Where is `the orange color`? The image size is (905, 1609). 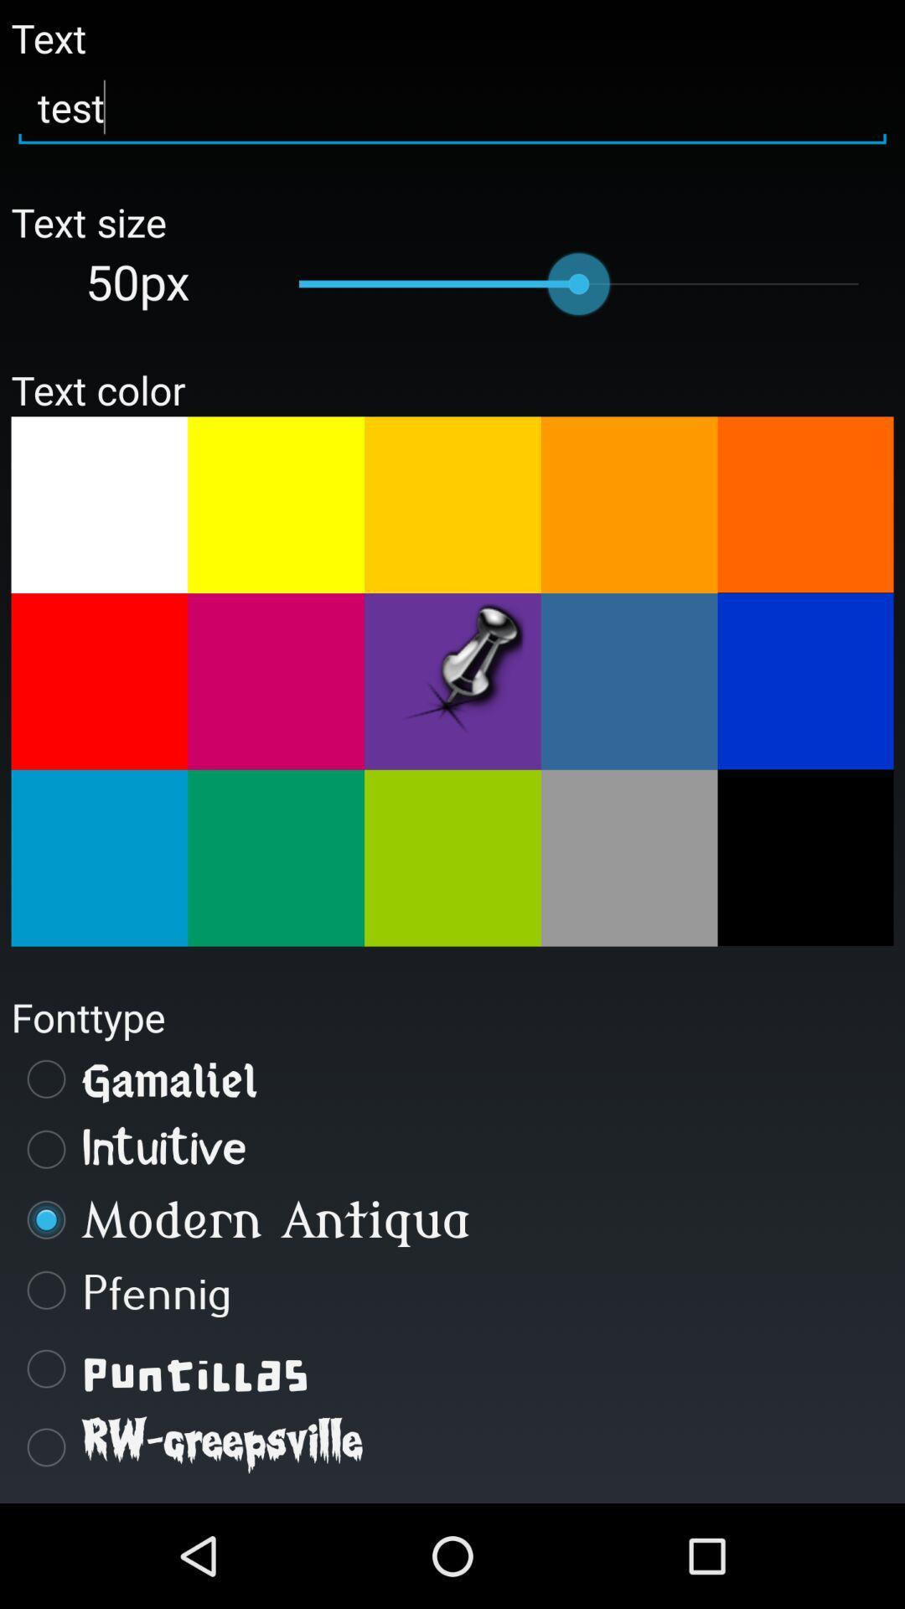 the orange color is located at coordinates (804, 503).